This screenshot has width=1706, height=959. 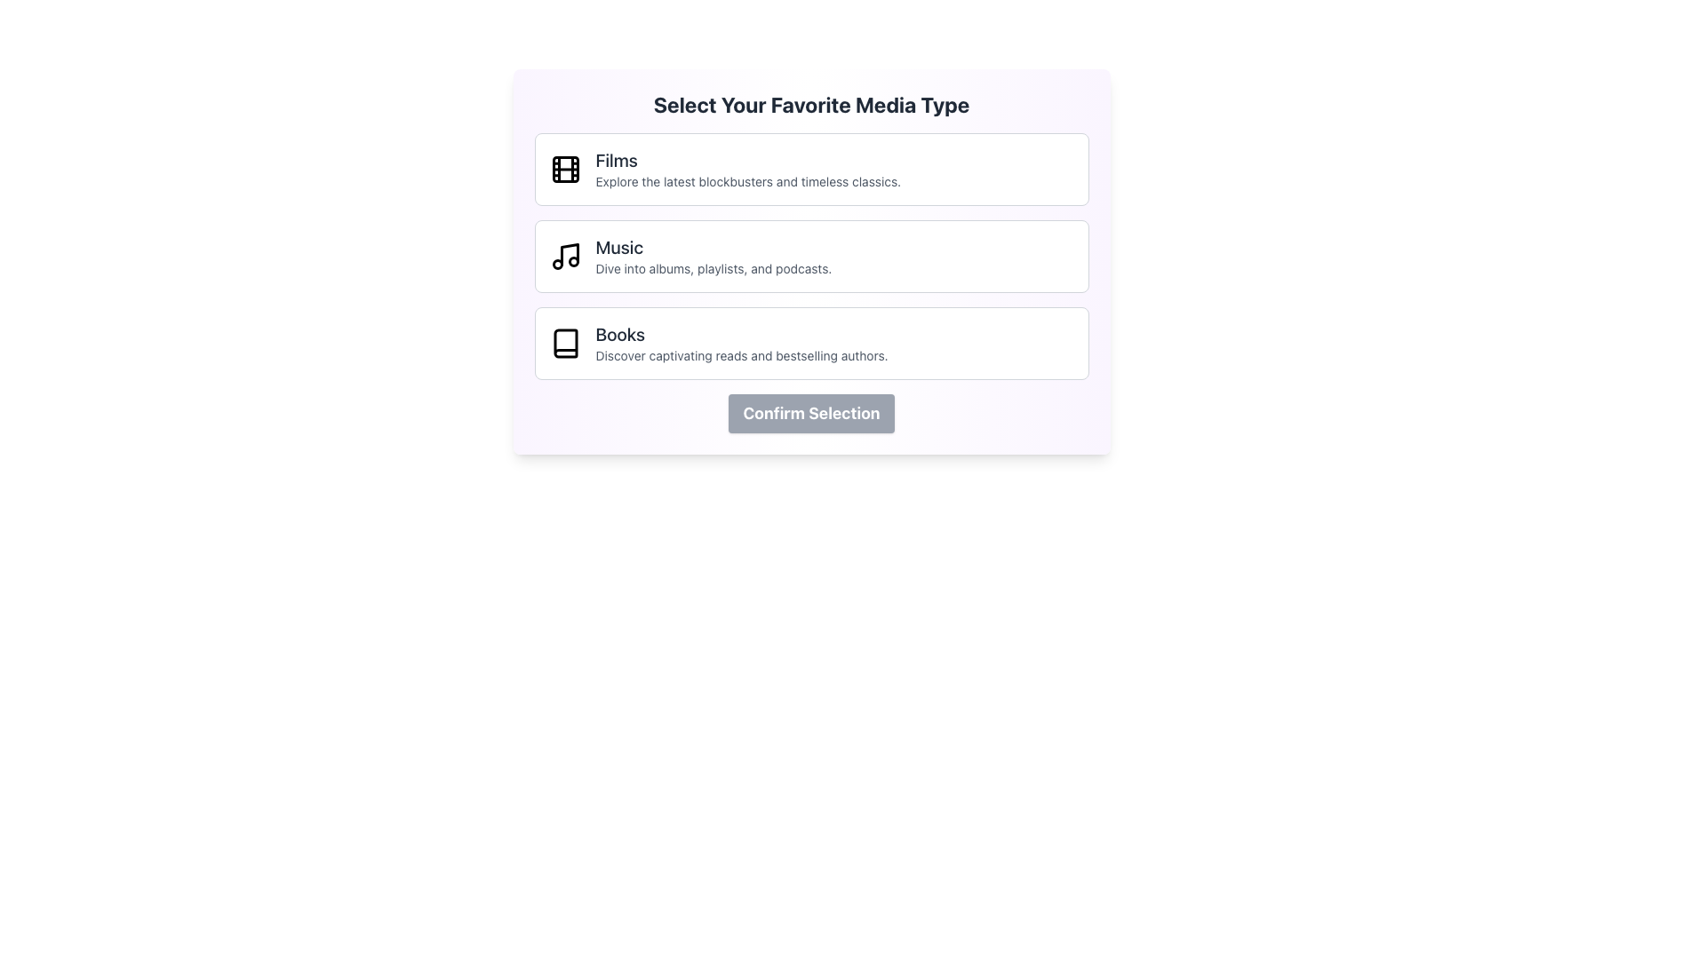 What do you see at coordinates (573, 261) in the screenshot?
I see `the second circular decorative element of the music icon in the 'Music' section of the menu` at bounding box center [573, 261].